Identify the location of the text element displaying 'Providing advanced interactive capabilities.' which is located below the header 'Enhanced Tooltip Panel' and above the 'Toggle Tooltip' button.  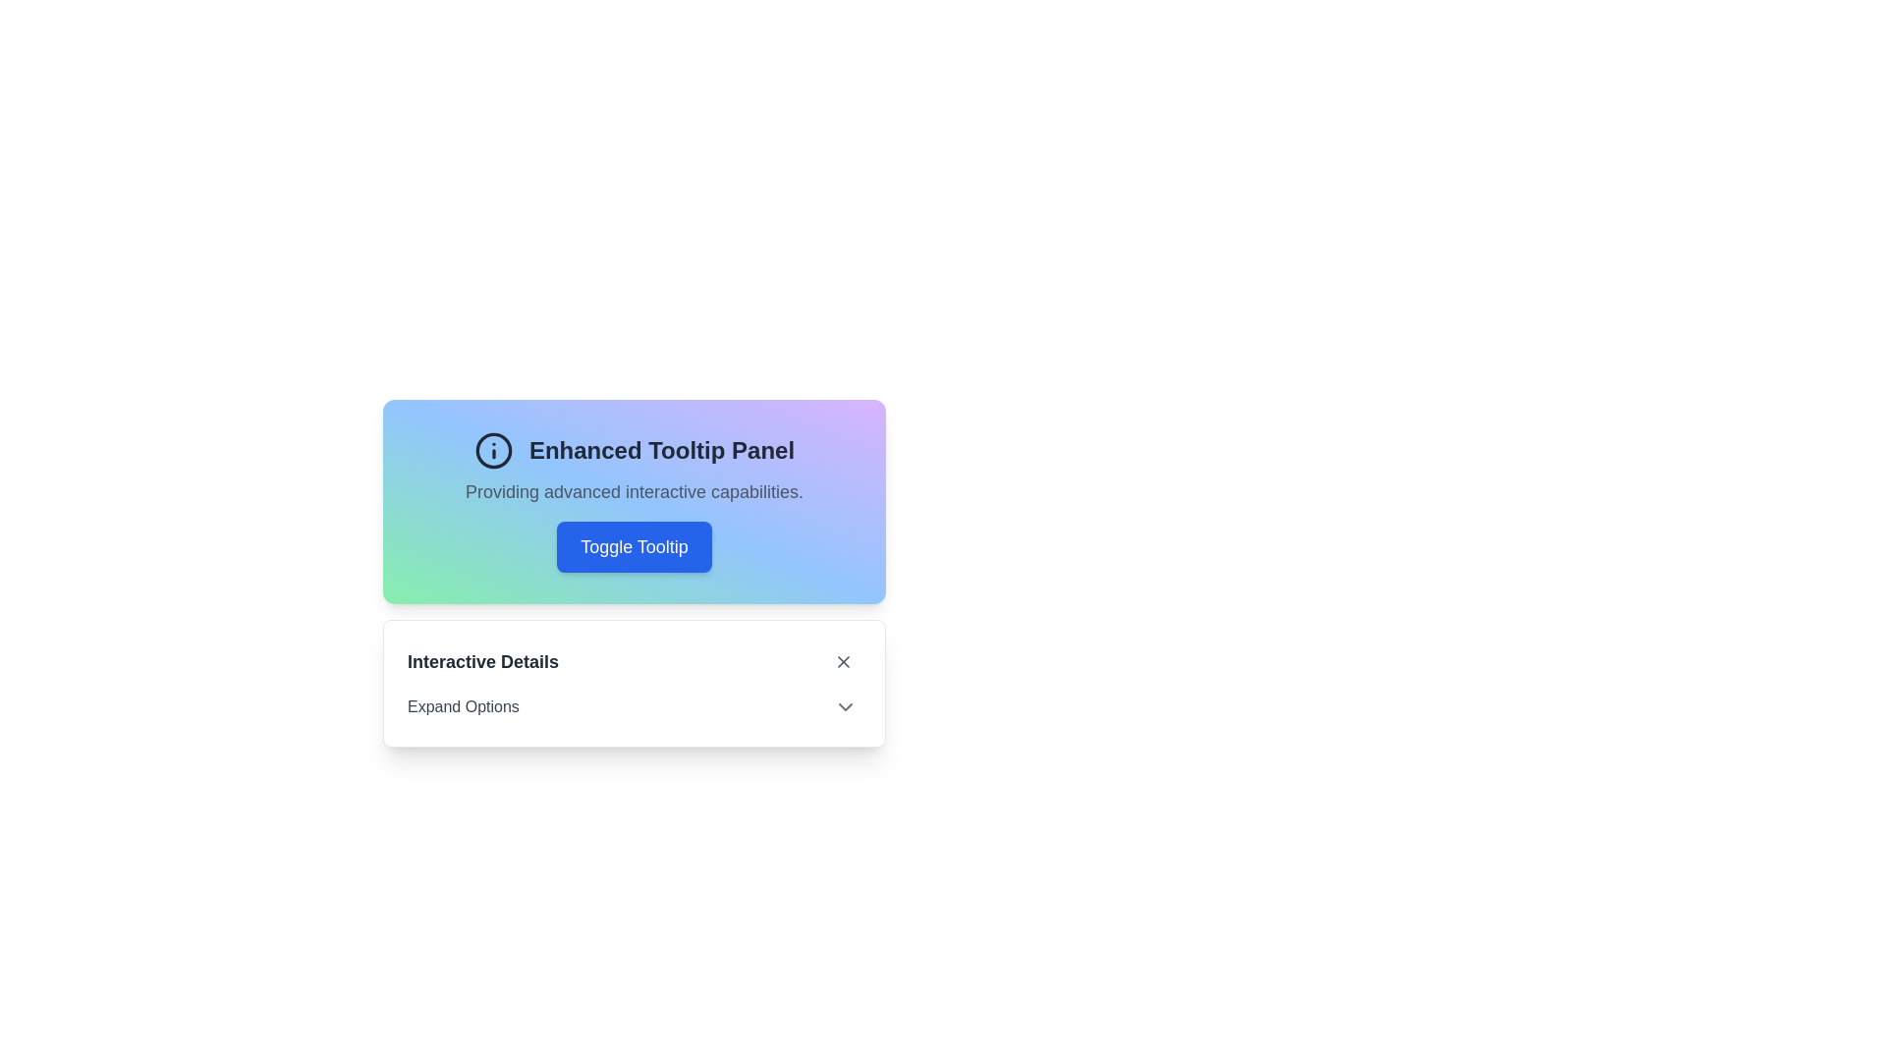
(635, 491).